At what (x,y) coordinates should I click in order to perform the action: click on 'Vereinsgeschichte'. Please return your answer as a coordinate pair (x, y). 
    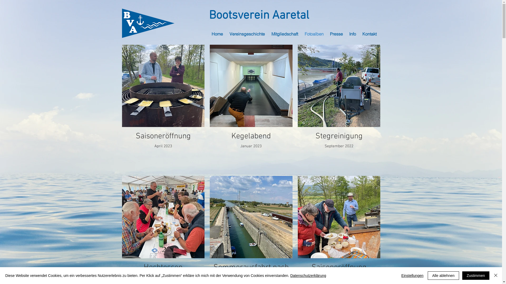
    Looking at the image, I should click on (247, 34).